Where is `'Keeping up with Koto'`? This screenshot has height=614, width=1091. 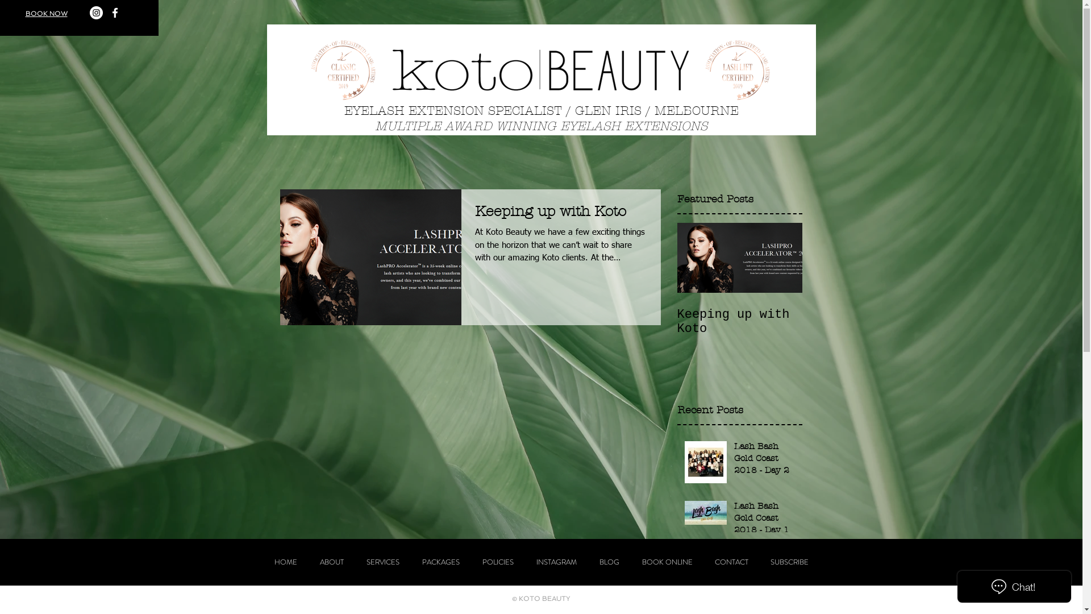 'Keeping up with Koto' is located at coordinates (561, 214).